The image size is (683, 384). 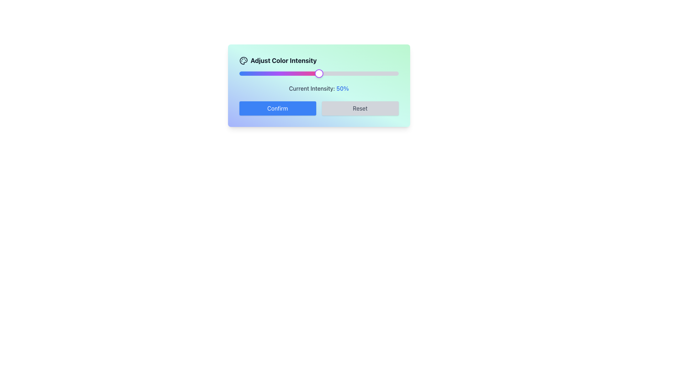 I want to click on the color intensity, so click(x=249, y=74).